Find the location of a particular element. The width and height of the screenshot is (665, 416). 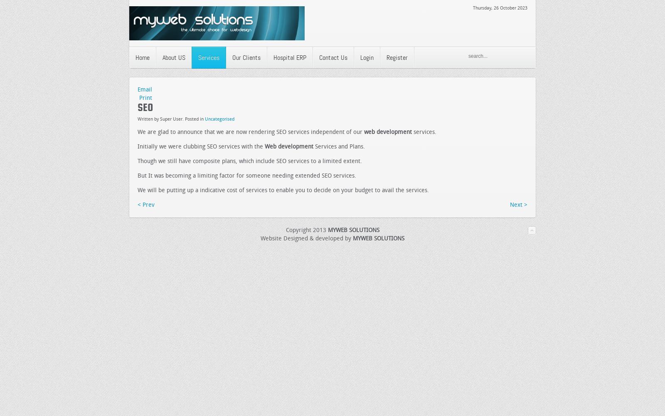

'SEO' is located at coordinates (145, 107).